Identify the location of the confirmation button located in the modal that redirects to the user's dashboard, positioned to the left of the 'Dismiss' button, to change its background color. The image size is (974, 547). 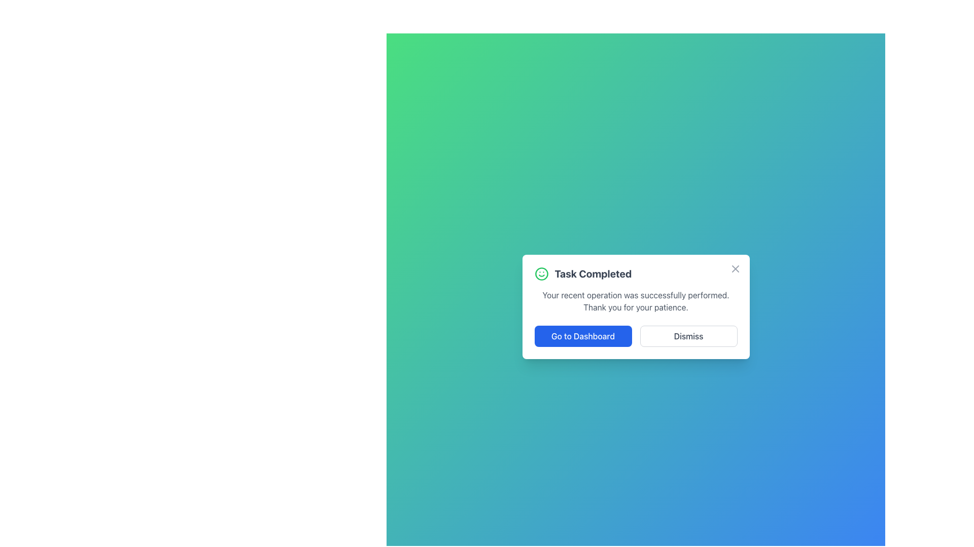
(583, 336).